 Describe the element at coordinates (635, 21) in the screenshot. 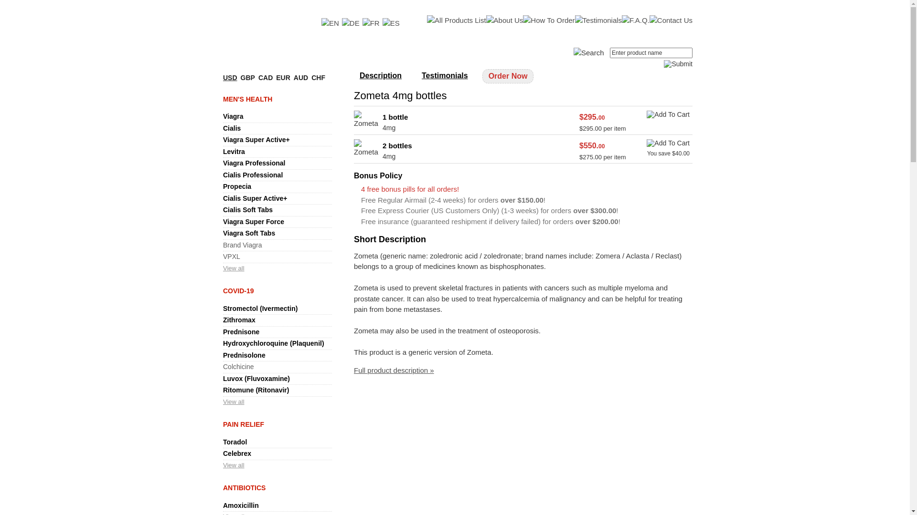

I see `'F.A.Q.'` at that location.